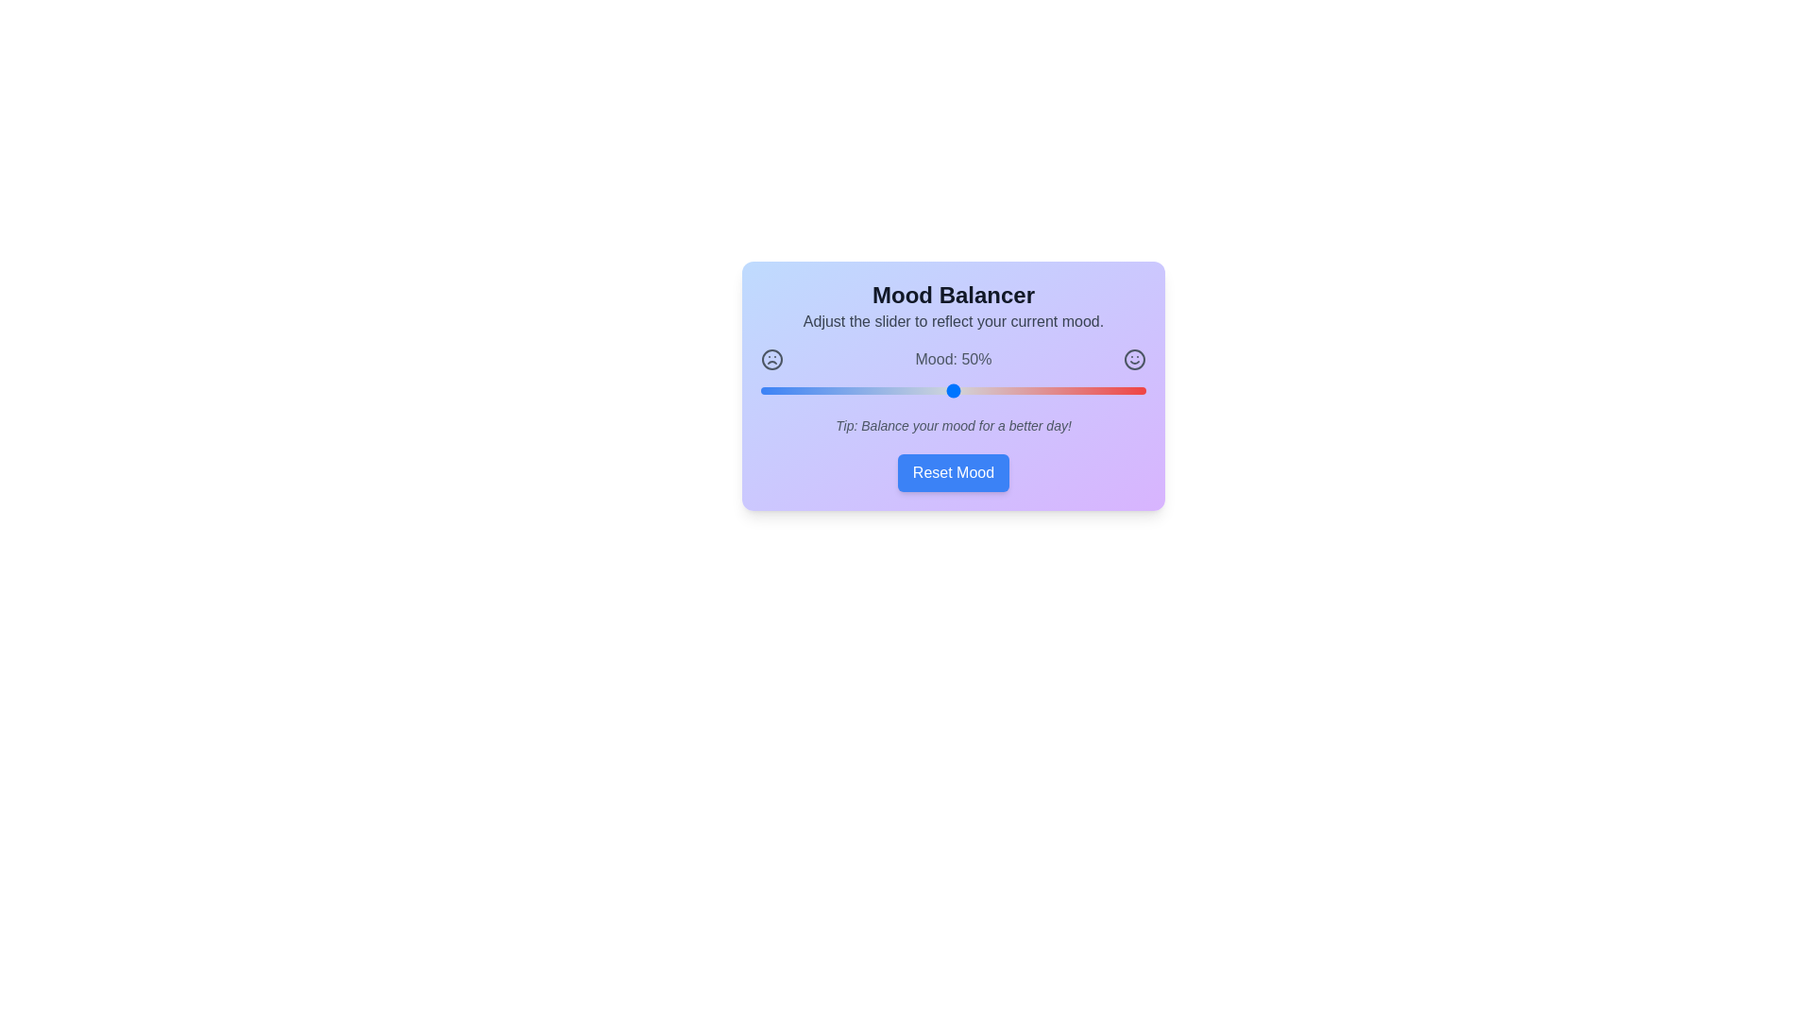 The width and height of the screenshot is (1813, 1020). What do you see at coordinates (1003, 389) in the screenshot?
I see `the mood slider to 63%` at bounding box center [1003, 389].